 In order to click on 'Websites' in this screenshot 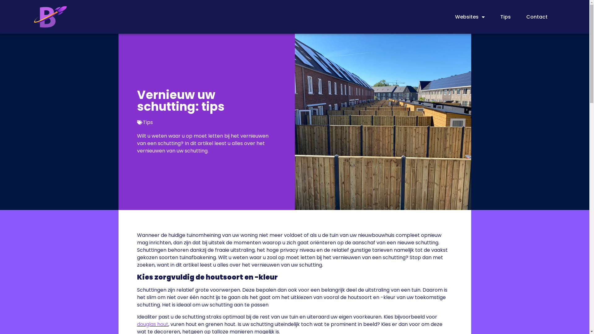, I will do `click(470, 16)`.